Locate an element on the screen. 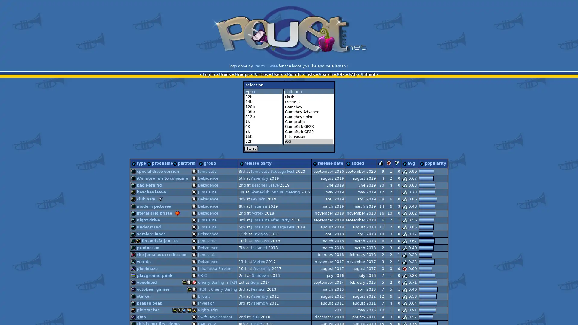 This screenshot has width=578, height=325. Submit is located at coordinates (251, 148).